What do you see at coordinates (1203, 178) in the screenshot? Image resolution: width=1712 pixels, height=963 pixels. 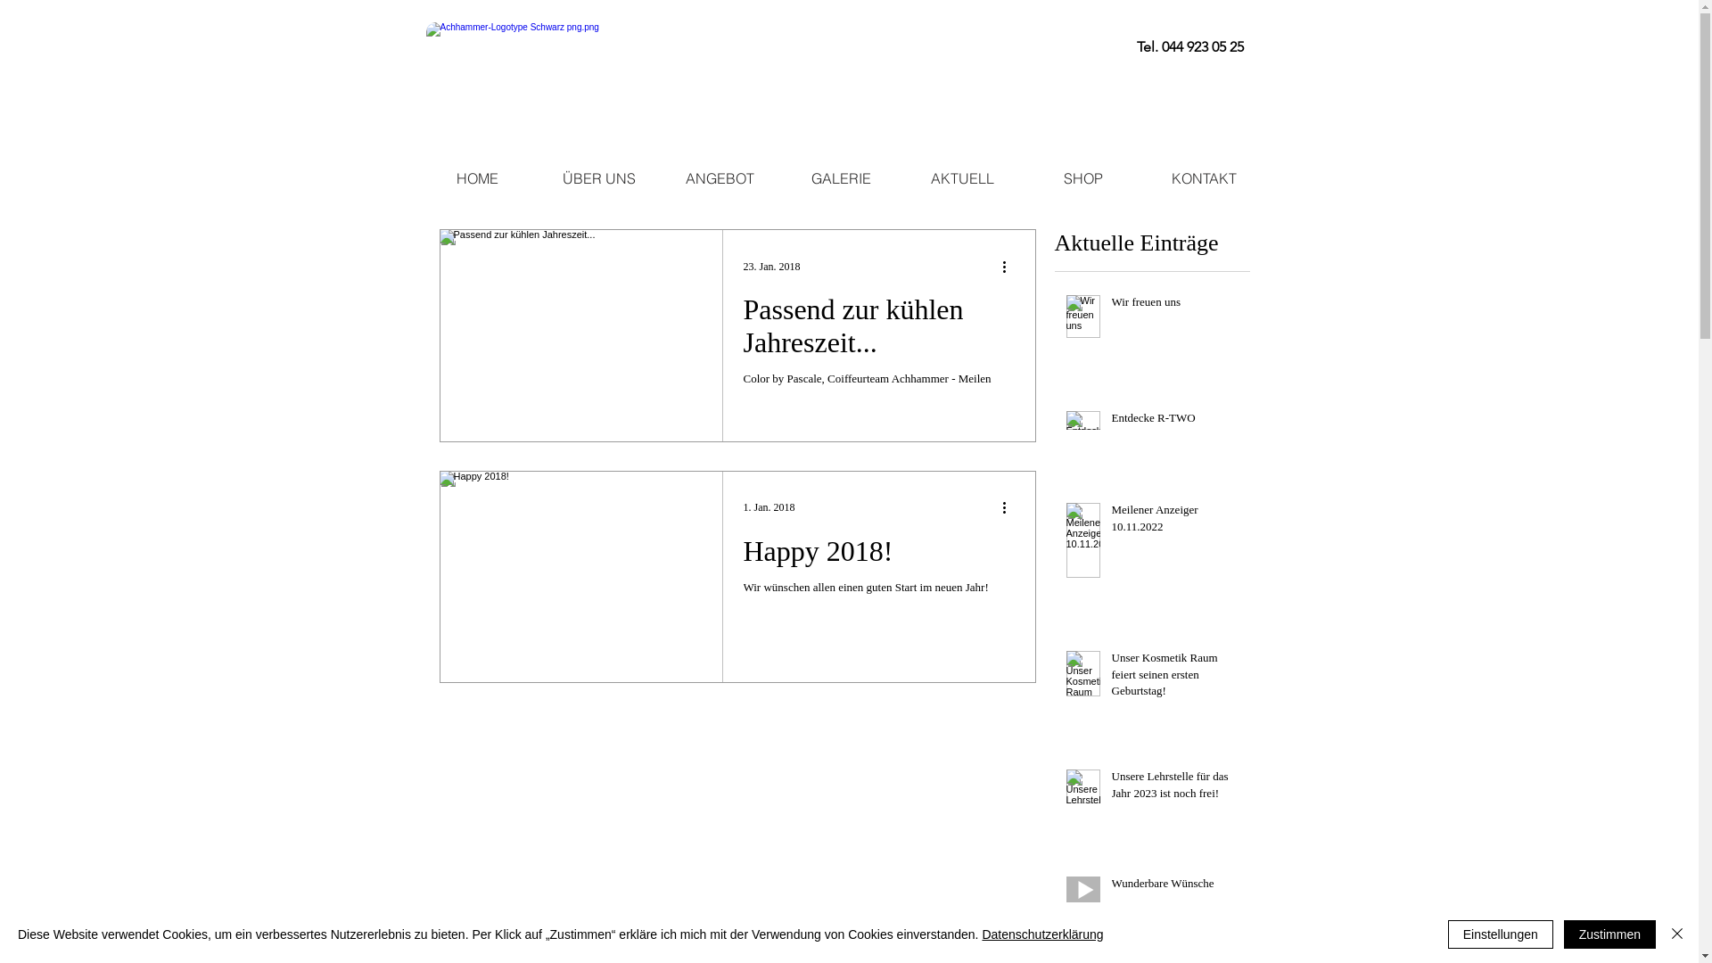 I see `'KONTAKT'` at bounding box center [1203, 178].